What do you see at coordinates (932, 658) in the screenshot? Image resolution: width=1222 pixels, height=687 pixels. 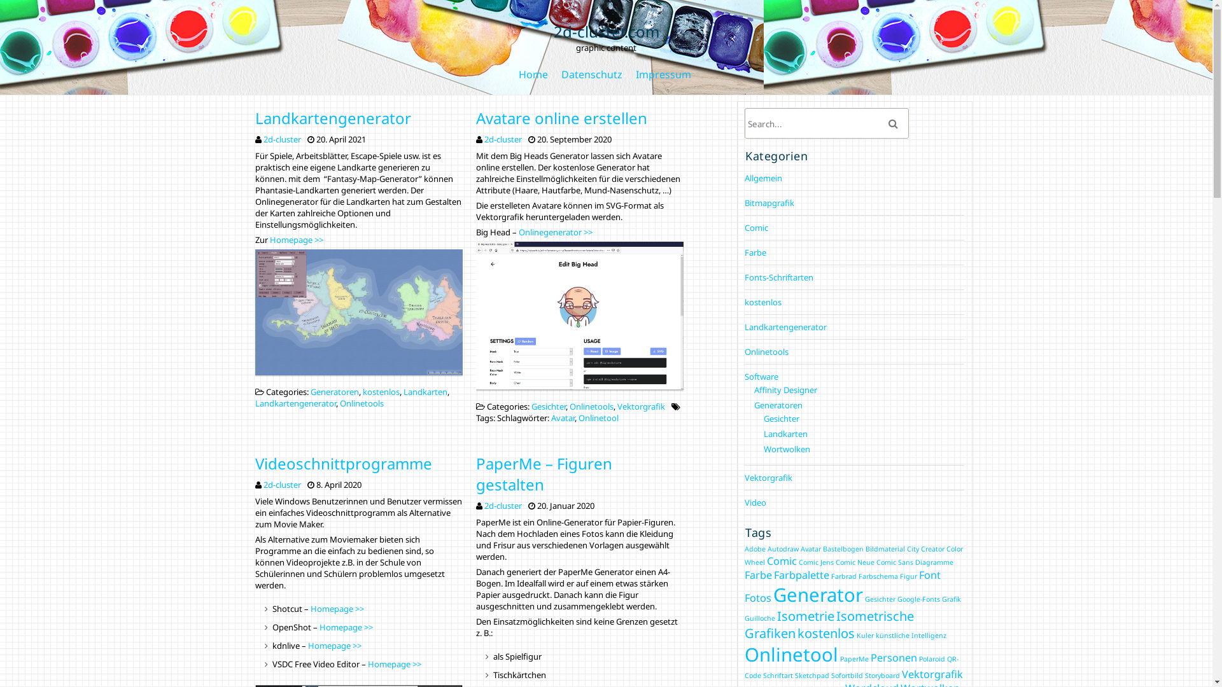 I see `'Polaroid'` at bounding box center [932, 658].